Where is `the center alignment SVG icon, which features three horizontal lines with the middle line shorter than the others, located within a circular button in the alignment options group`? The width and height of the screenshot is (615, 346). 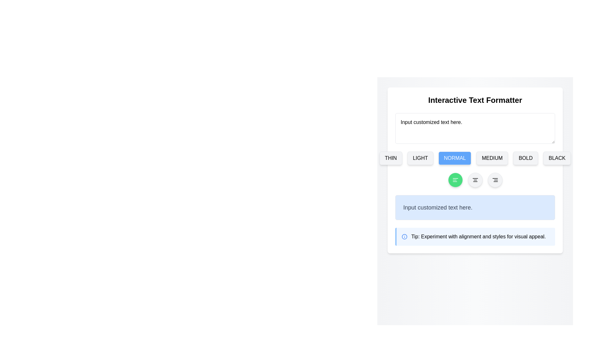 the center alignment SVG icon, which features three horizontal lines with the middle line shorter than the others, located within a circular button in the alignment options group is located at coordinates (475, 180).